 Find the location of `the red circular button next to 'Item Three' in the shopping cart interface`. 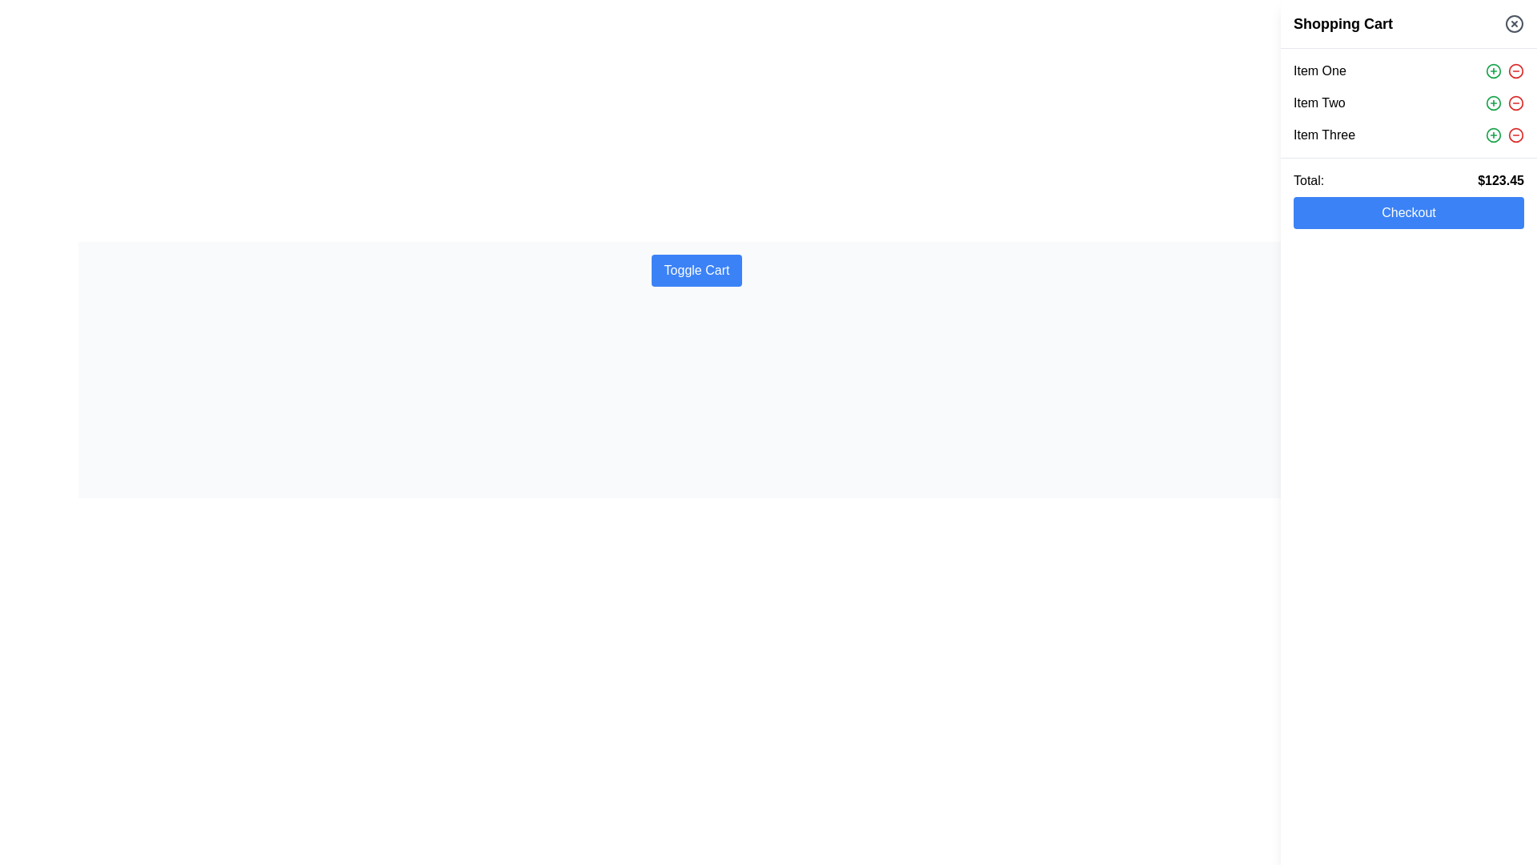

the red circular button next to 'Item Three' in the shopping cart interface is located at coordinates (1515, 135).